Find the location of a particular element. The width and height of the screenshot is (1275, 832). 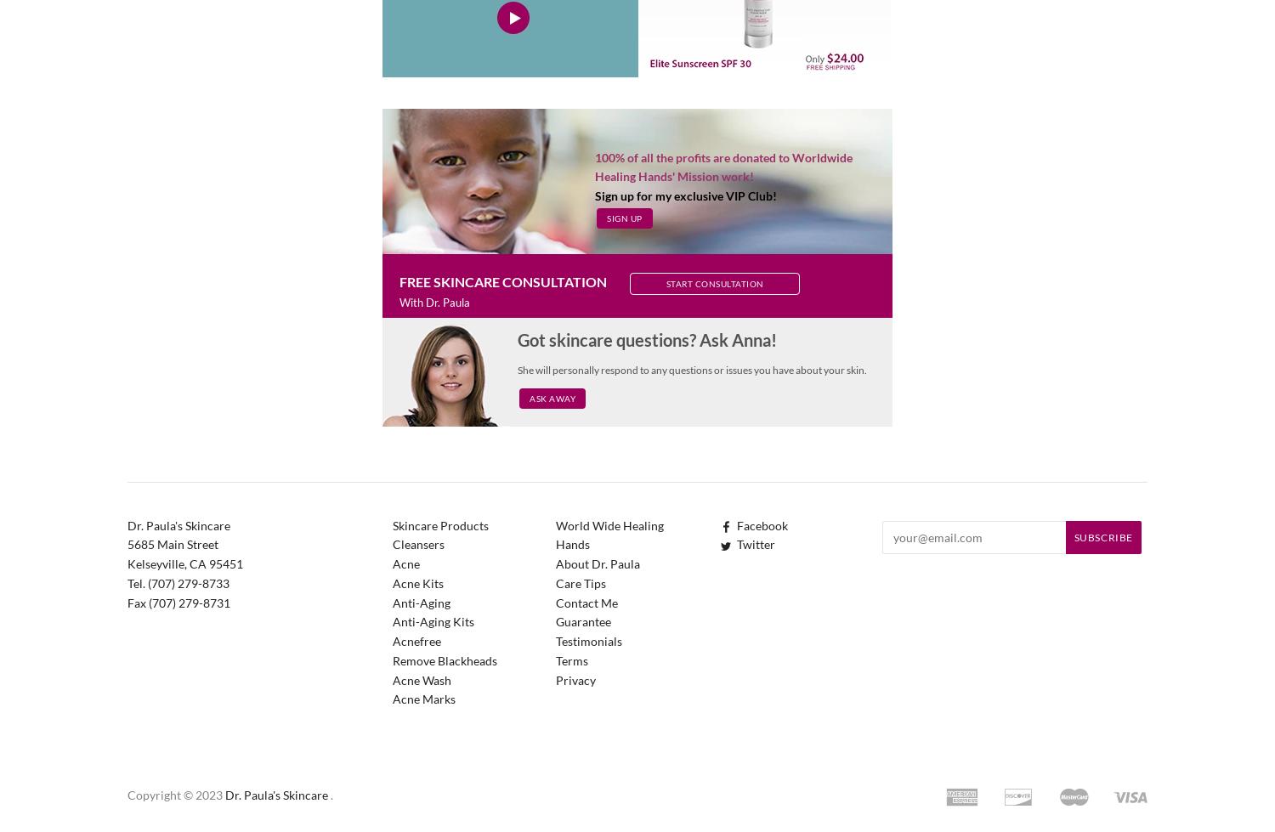

'Got skincare questions? Ask Anna!' is located at coordinates (647, 339).